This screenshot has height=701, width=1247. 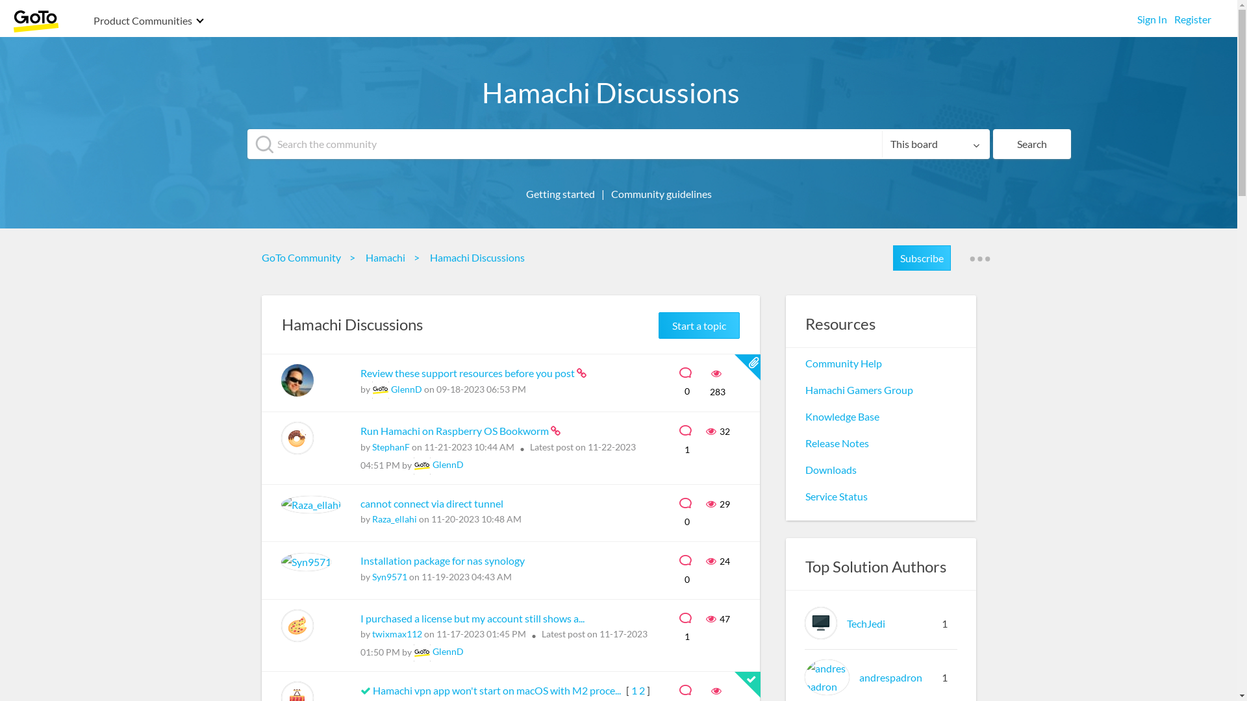 What do you see at coordinates (143, 21) in the screenshot?
I see `'Product Communities'` at bounding box center [143, 21].